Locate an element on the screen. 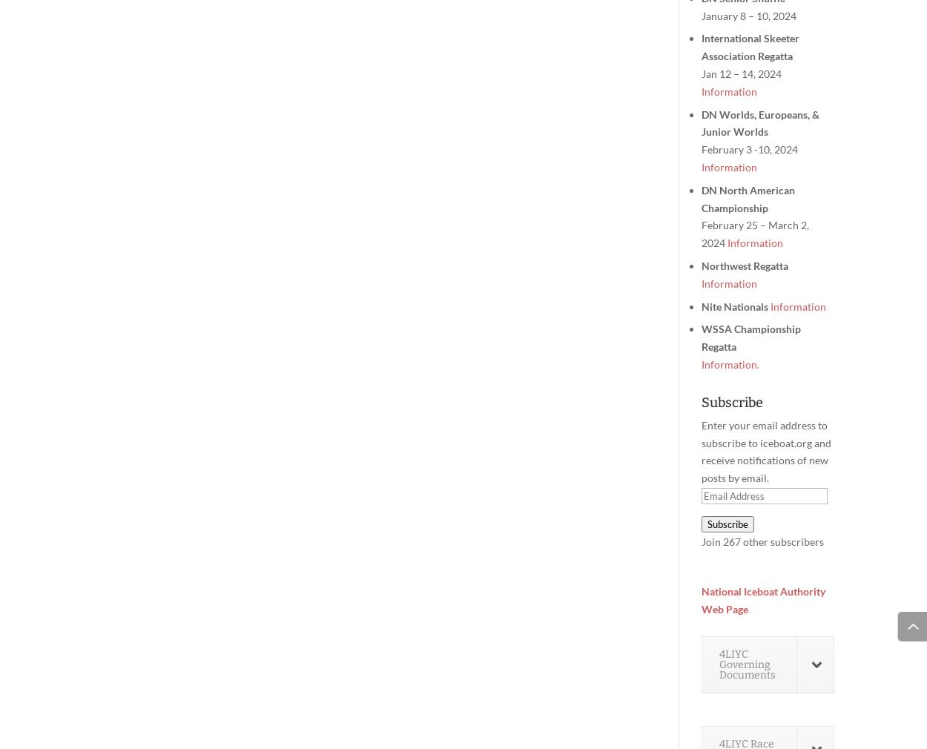 Image resolution: width=927 pixels, height=749 pixels. 'Northwest Regatta' is located at coordinates (745, 265).